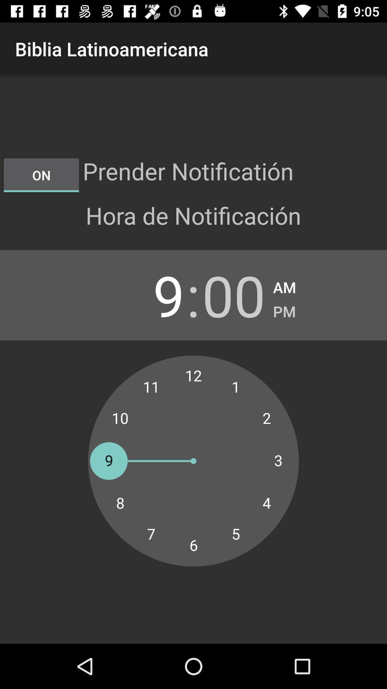 This screenshot has width=387, height=689. I want to click on the am checkbox, so click(284, 285).